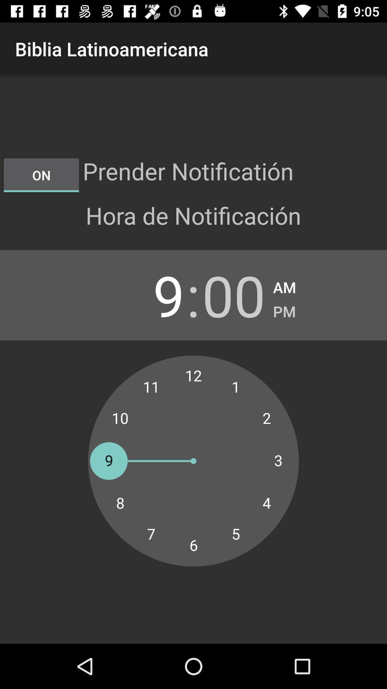 This screenshot has width=387, height=689. I want to click on the am checkbox, so click(284, 285).